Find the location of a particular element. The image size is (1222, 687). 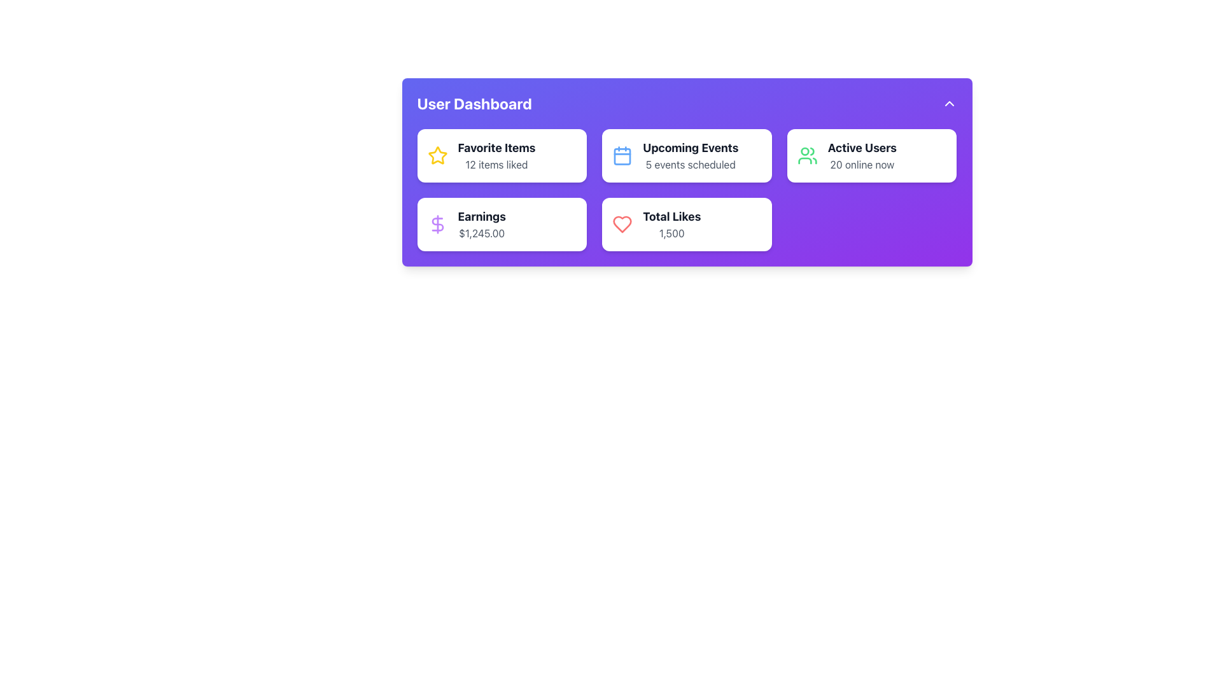

the earnings amount text located in the bottom-left card of the dashboard, which is grouped under the label 'Earnings' is located at coordinates (481, 233).